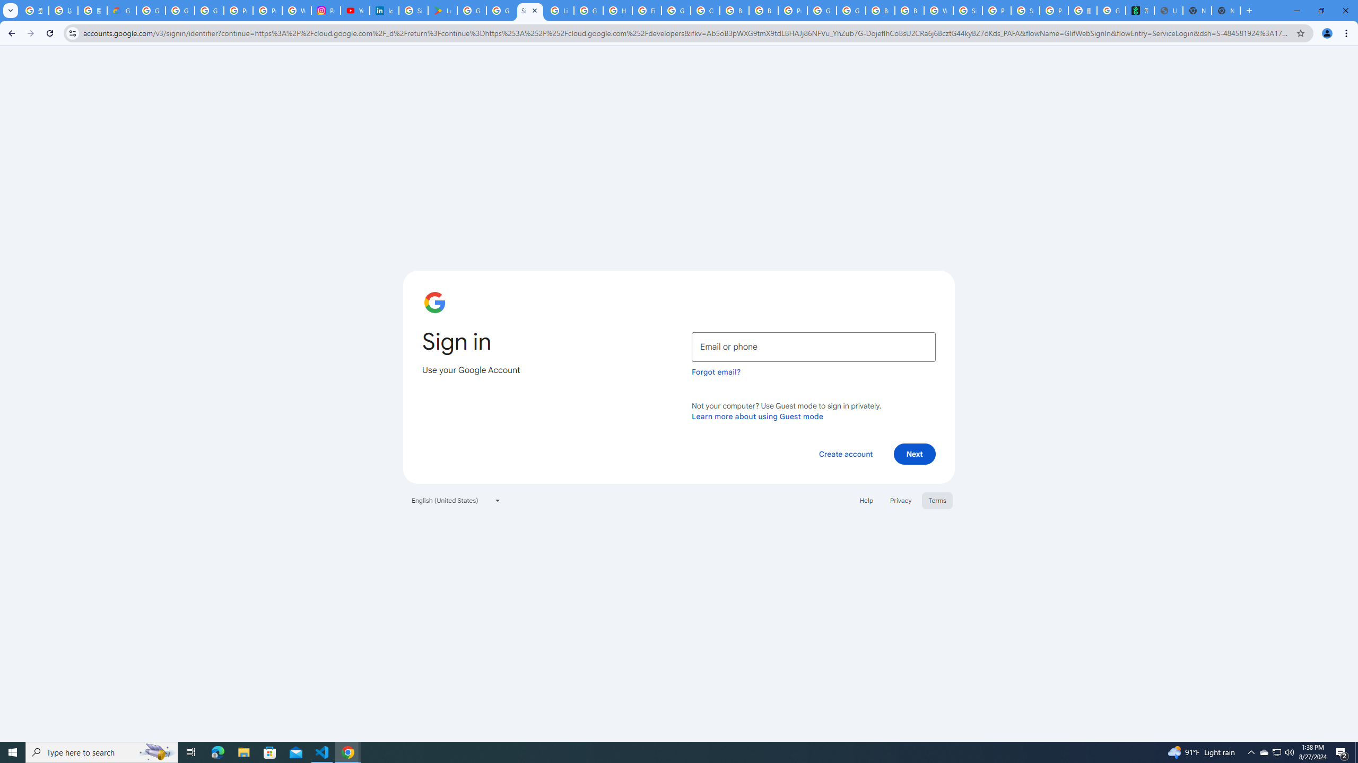 The image size is (1358, 763). What do you see at coordinates (617, 10) in the screenshot?
I see `'How do I create a new Google Account? - Google Account Help'` at bounding box center [617, 10].